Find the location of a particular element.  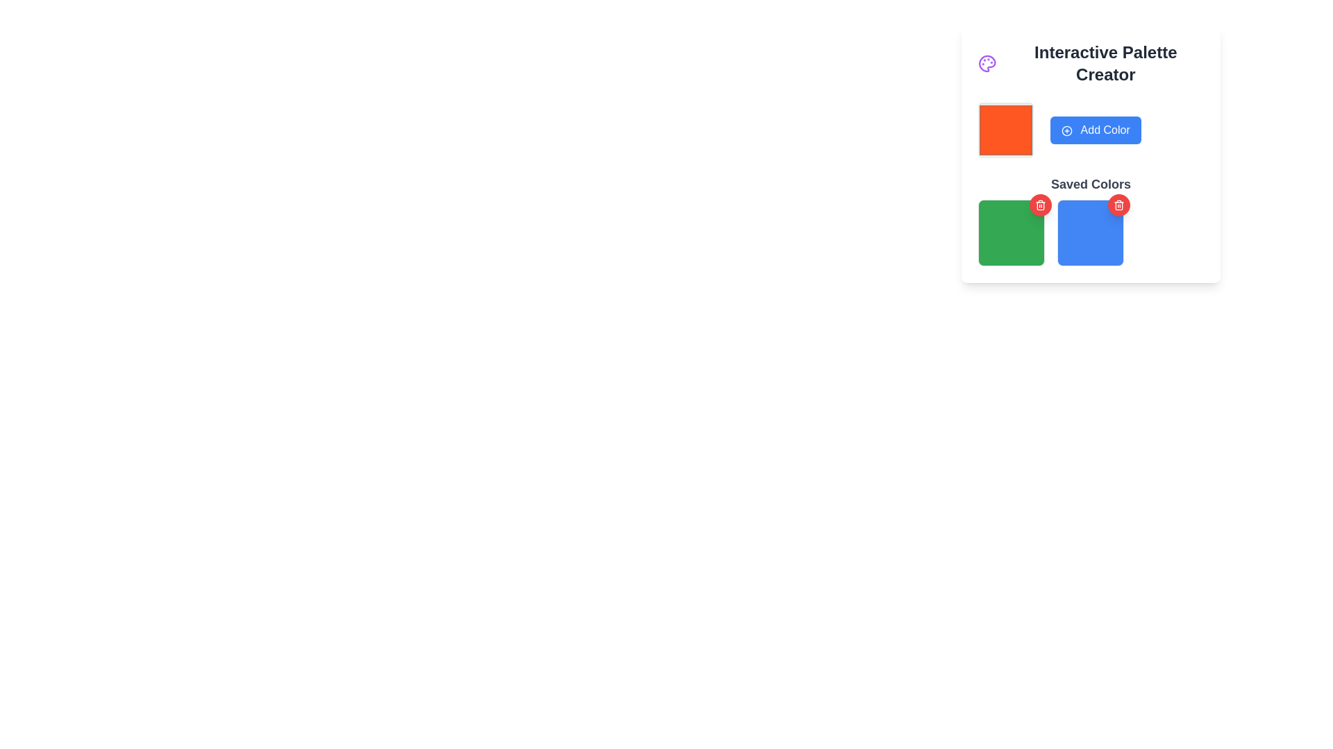

the circular icon with a blue outline and a plus sign in its center, located to the left of the 'Add Color' button is located at coordinates (1066, 130).